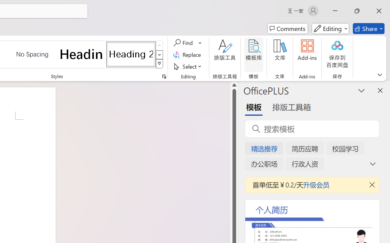  Describe the element at coordinates (357, 11) in the screenshot. I see `'Restore Down'` at that location.